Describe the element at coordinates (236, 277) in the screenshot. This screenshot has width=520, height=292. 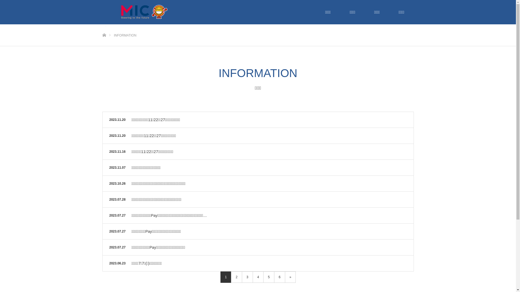
I see `'2'` at that location.